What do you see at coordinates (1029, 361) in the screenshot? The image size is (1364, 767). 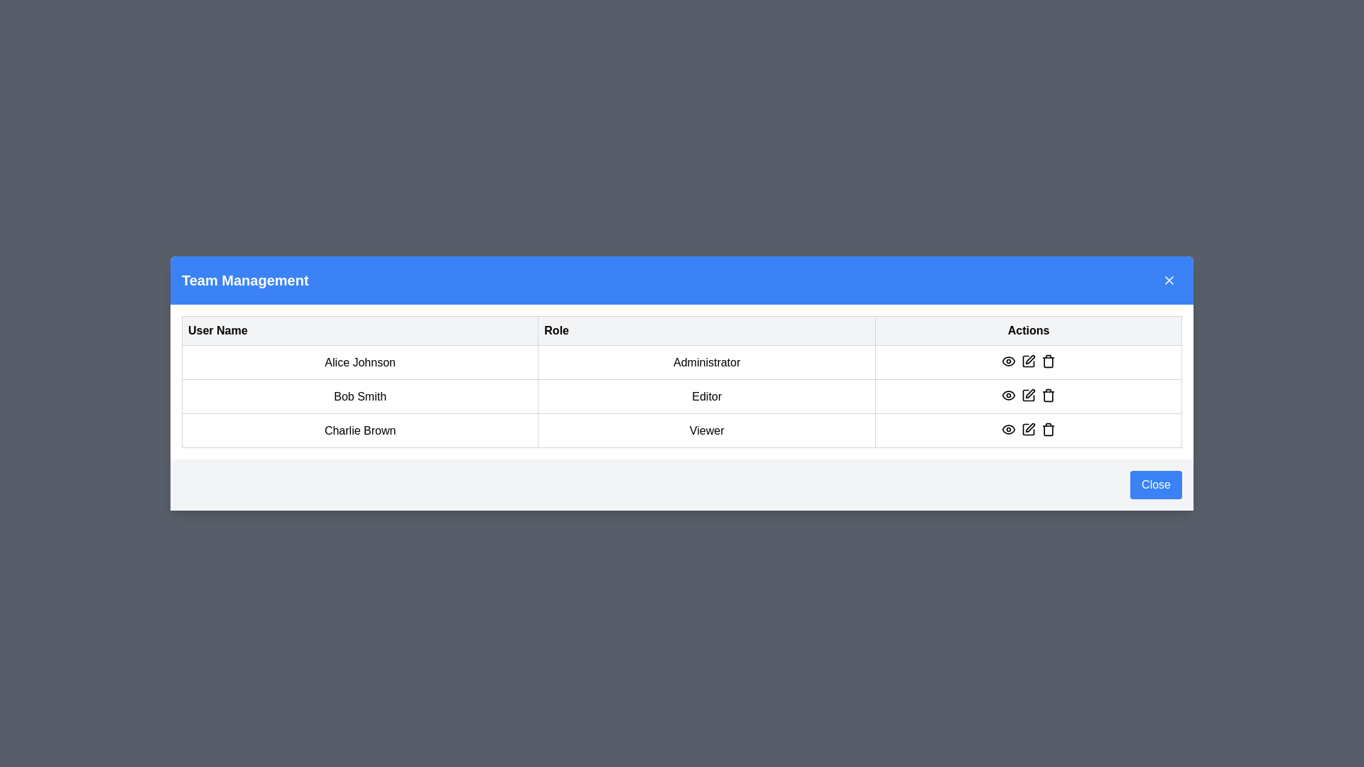 I see `the icon button represented by a pen or pencil in the 'Actions' column of the first row for user 'Alice Johnson'` at bounding box center [1029, 361].